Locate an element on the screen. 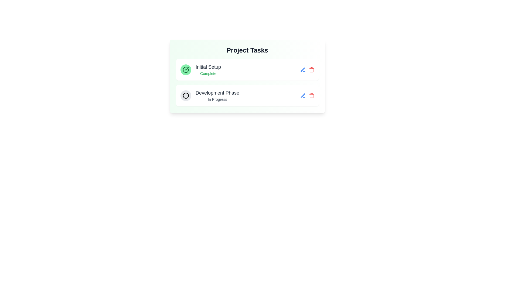 The height and width of the screenshot is (291, 518). text information from the 'Development Phase' task status indicator, which currently shows 'In Progress'. This element is the second item under 'Project Tasks' and is located below the 'Initial Setup' item is located at coordinates (209, 95).